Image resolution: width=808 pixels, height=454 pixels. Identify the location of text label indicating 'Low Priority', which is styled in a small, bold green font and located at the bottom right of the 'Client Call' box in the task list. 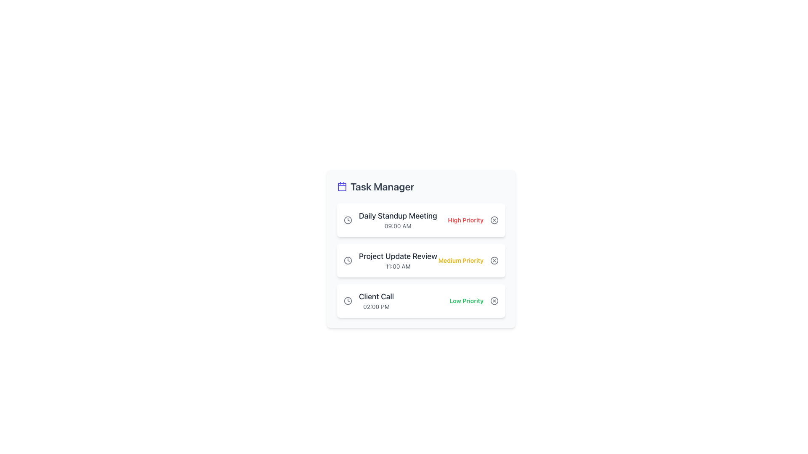
(466, 301).